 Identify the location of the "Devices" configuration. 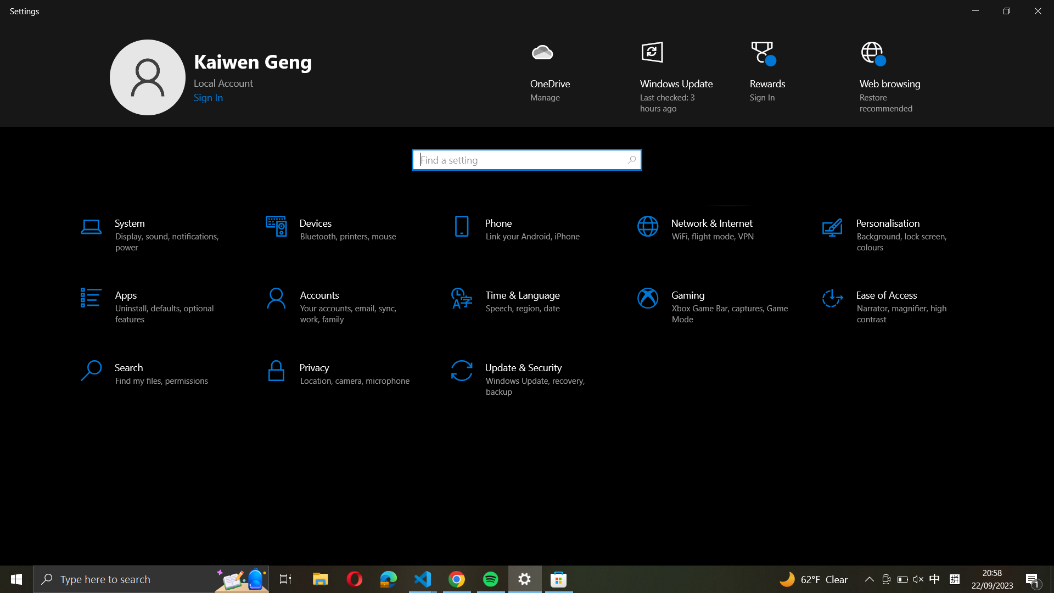
(339, 235).